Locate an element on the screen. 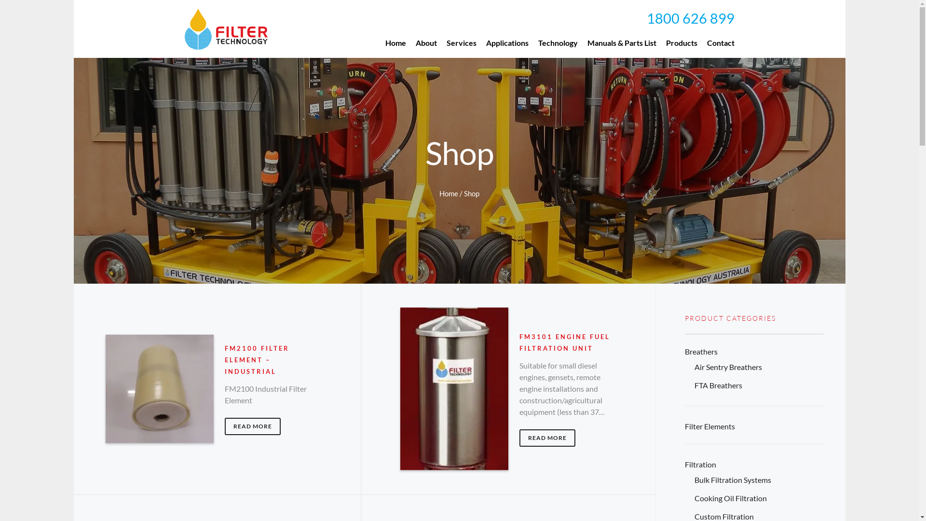 The height and width of the screenshot is (521, 926). 'Home' is located at coordinates (379, 42).